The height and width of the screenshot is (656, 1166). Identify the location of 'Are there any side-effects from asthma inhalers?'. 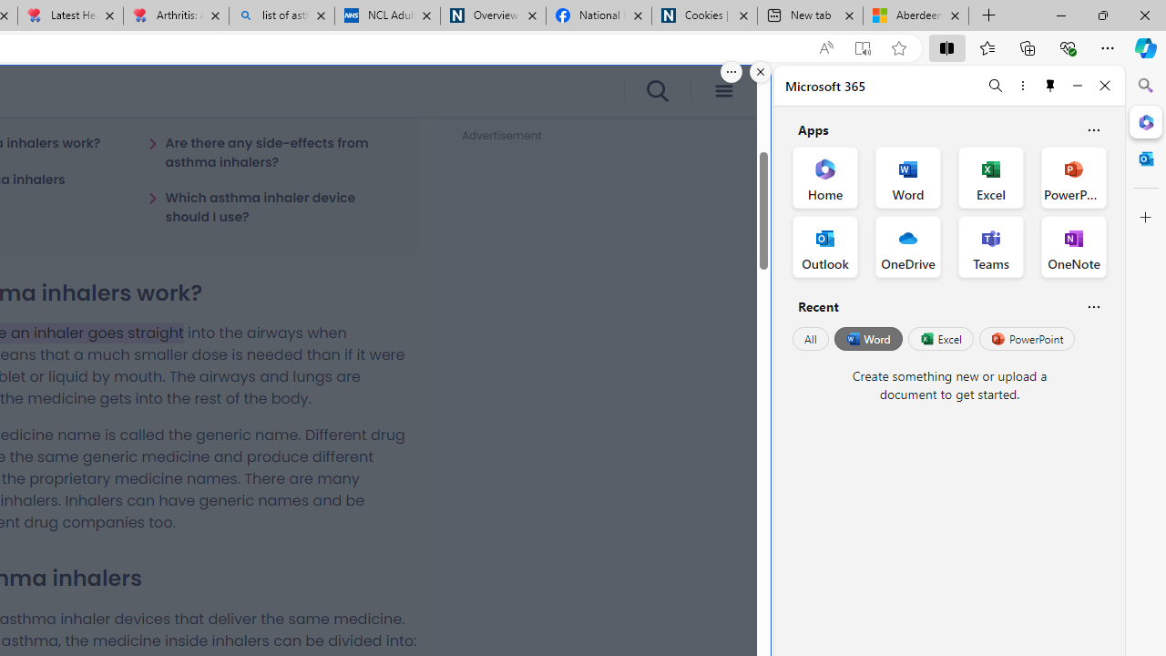
(271, 151).